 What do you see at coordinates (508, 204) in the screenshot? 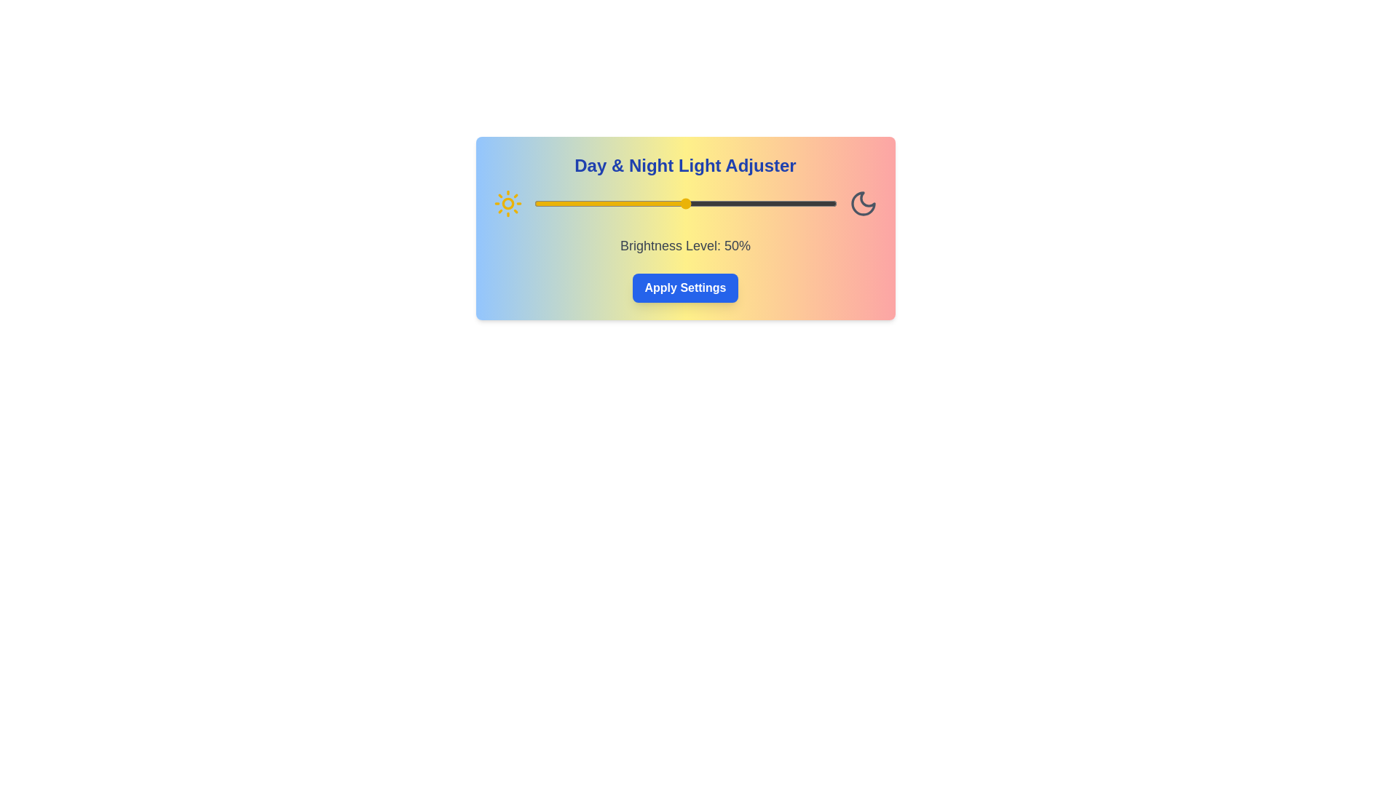
I see `the sun icon to interact with it` at bounding box center [508, 204].